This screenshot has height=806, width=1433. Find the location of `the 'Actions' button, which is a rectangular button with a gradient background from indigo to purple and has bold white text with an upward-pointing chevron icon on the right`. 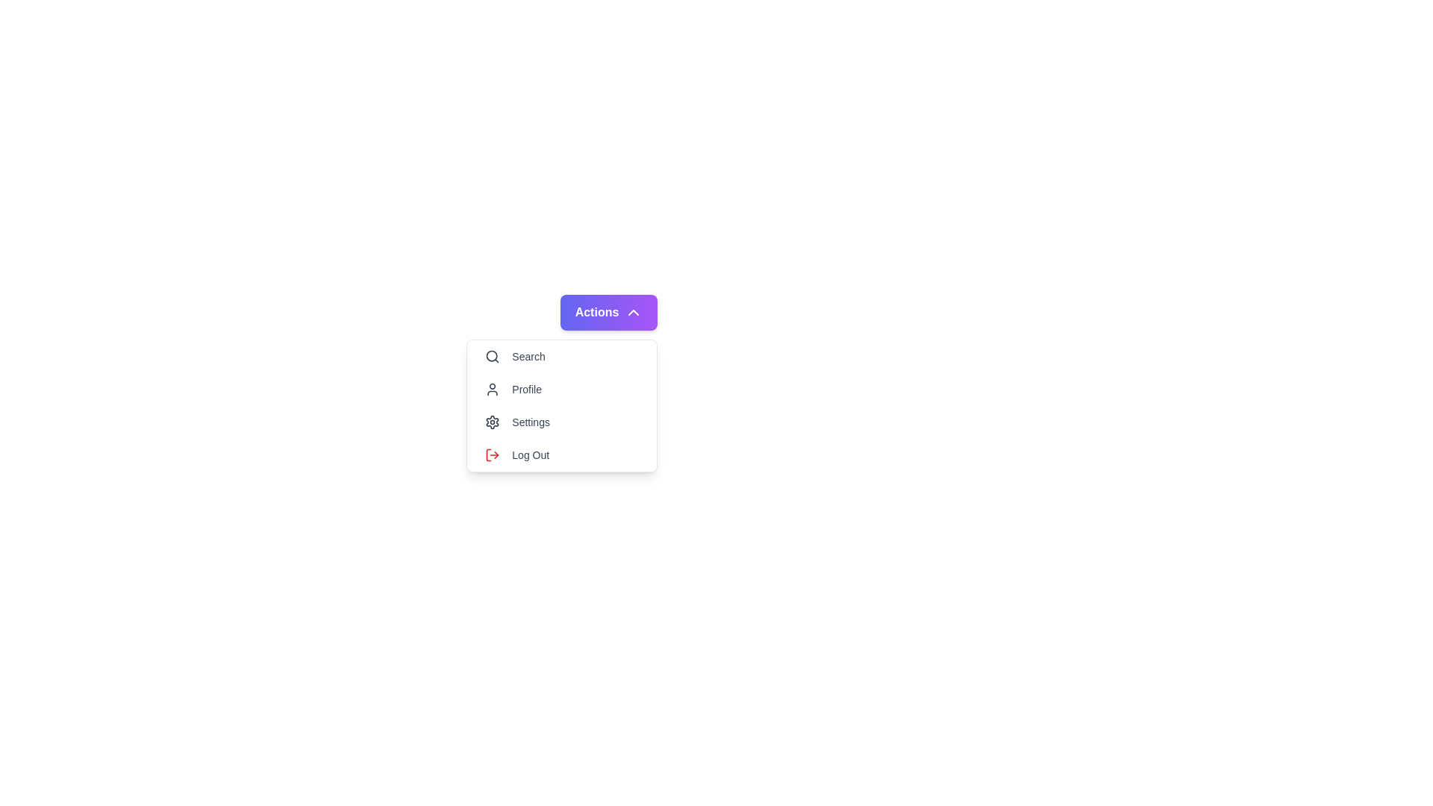

the 'Actions' button, which is a rectangular button with a gradient background from indigo to purple and has bold white text with an upward-pointing chevron icon on the right is located at coordinates (609, 312).